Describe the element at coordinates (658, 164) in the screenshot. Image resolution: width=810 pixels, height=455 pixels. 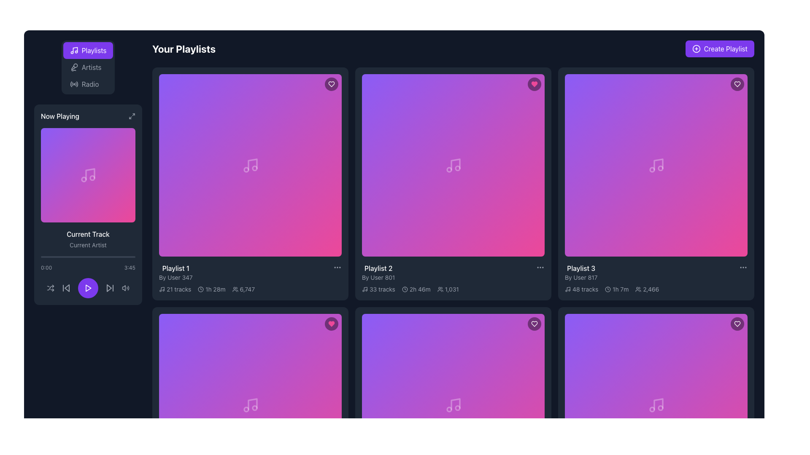
I see `the vertical line segment of the music note icon that is part of the 'Playlist 3' representation` at that location.